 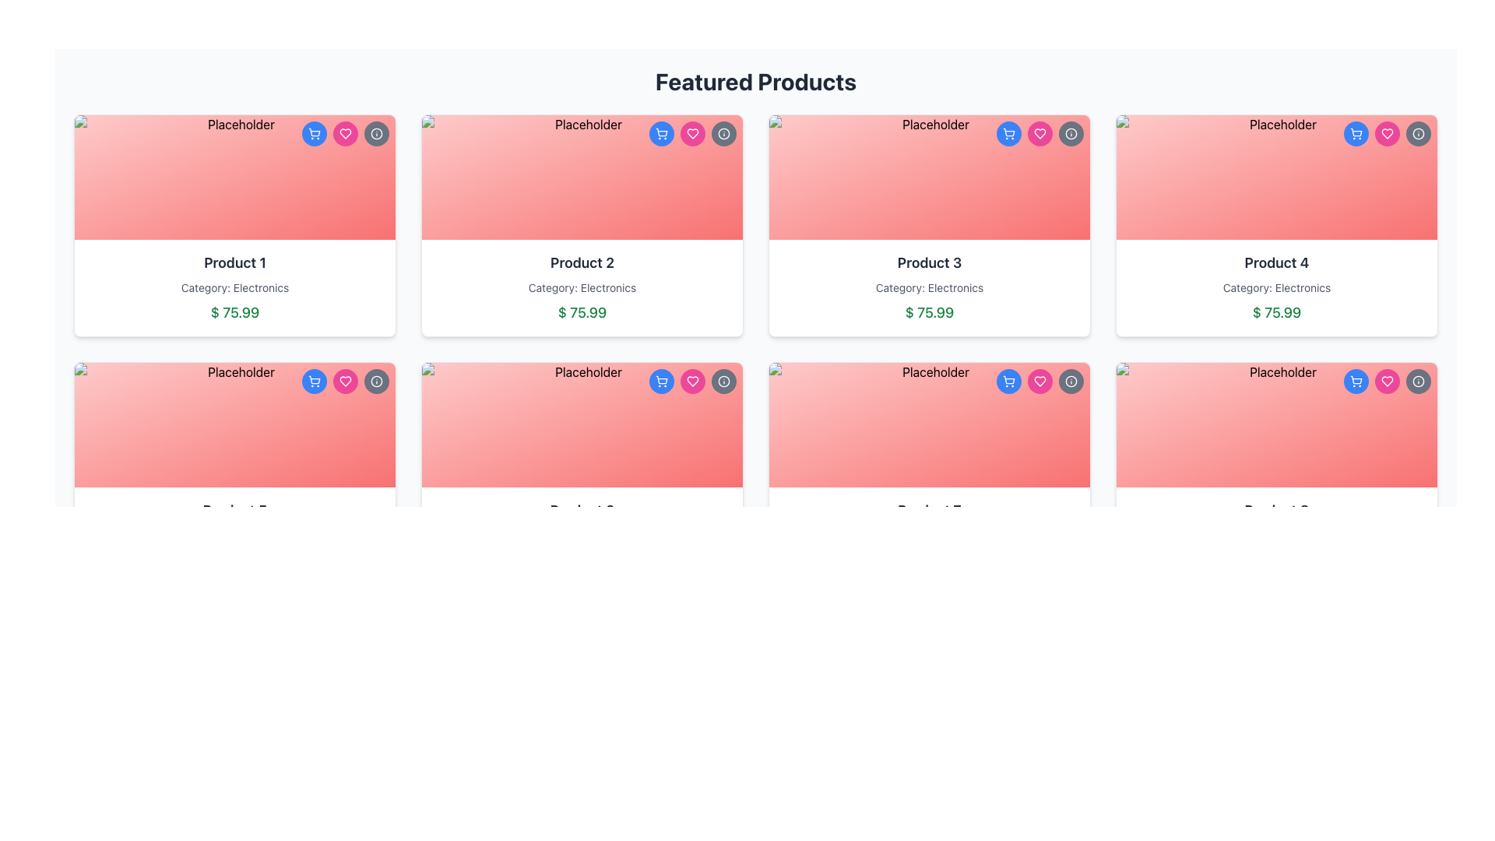 What do you see at coordinates (1071, 381) in the screenshot?
I see `the circular button with a gray background containing an 'i' icon, located in the upper-right corner of the product card for 'Product 3'` at bounding box center [1071, 381].